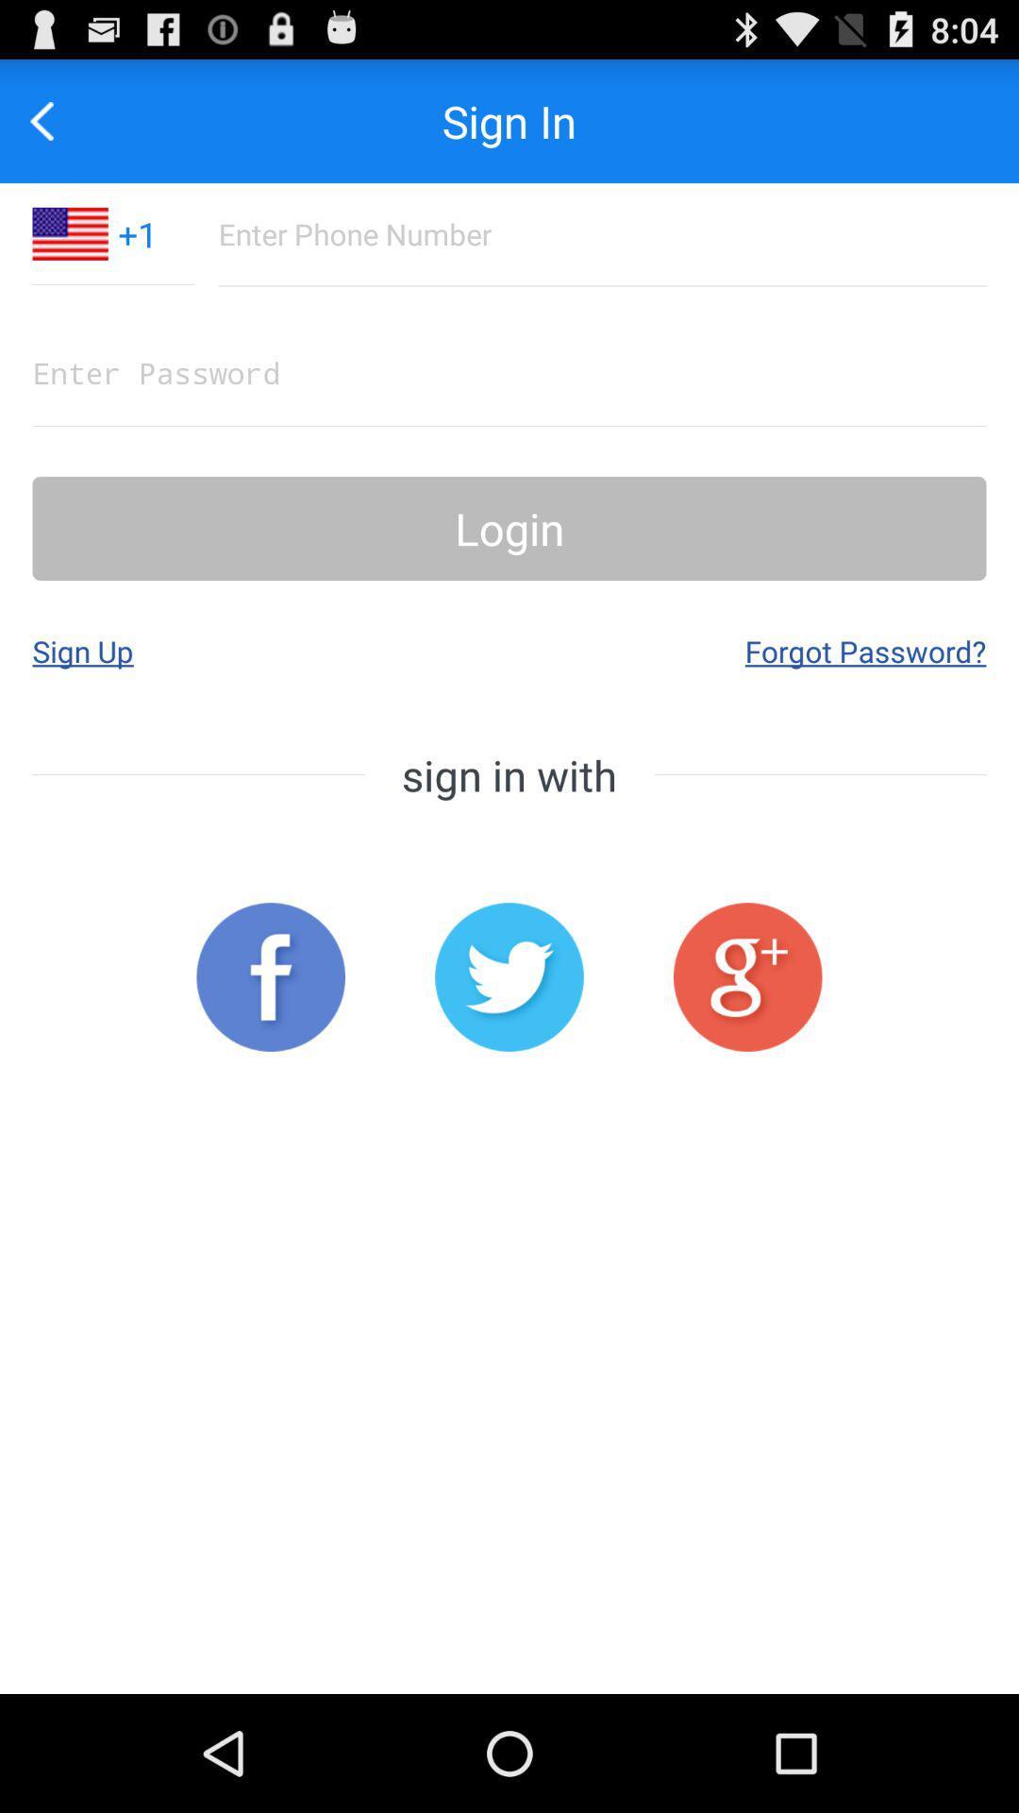 The width and height of the screenshot is (1019, 1813). Describe the element at coordinates (602, 233) in the screenshot. I see `phone number as login` at that location.